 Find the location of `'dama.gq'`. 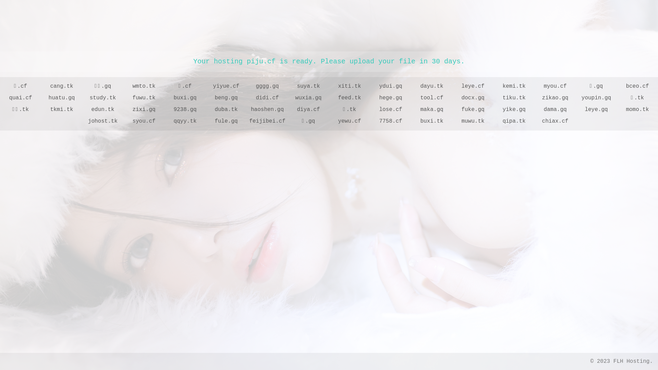

'dama.gq' is located at coordinates (555, 109).